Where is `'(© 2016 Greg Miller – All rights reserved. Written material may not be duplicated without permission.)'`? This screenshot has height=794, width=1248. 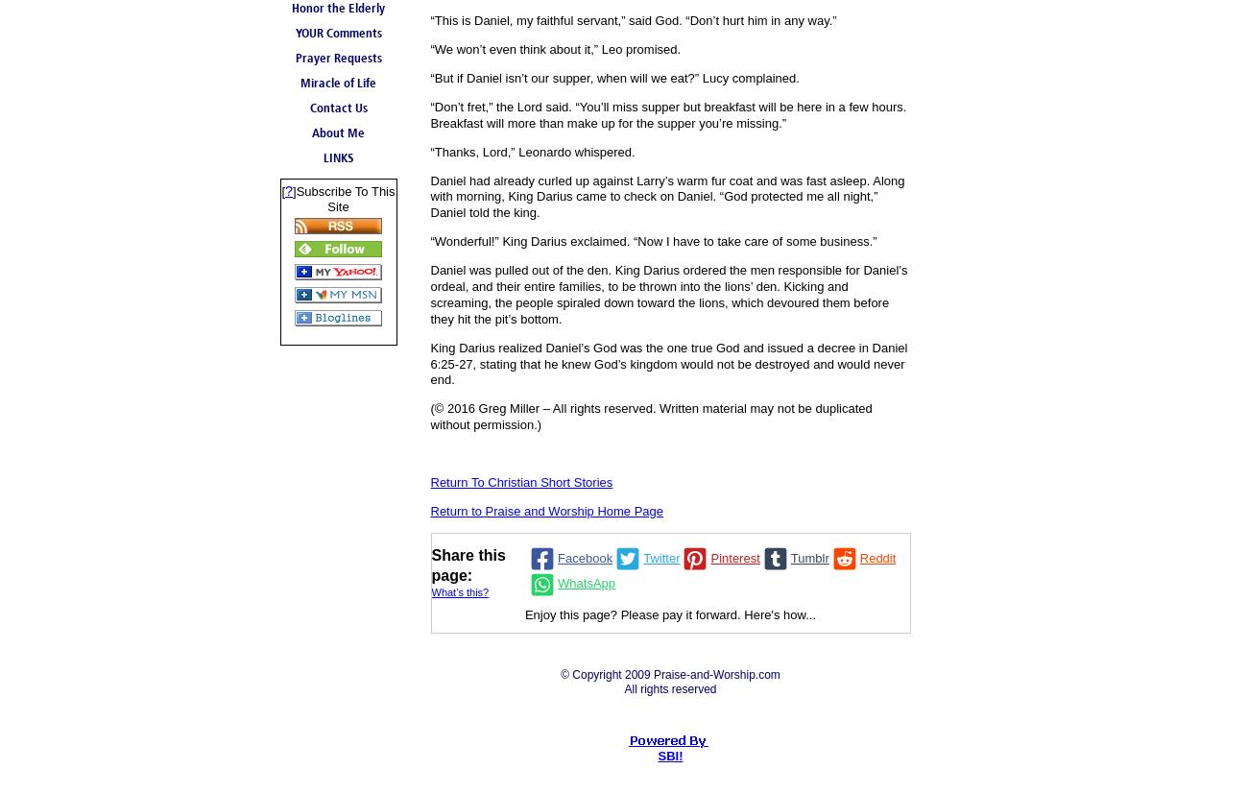
'(© 2016 Greg Miller – All rights reserved. Written material may not be duplicated without permission.)' is located at coordinates (428, 416).